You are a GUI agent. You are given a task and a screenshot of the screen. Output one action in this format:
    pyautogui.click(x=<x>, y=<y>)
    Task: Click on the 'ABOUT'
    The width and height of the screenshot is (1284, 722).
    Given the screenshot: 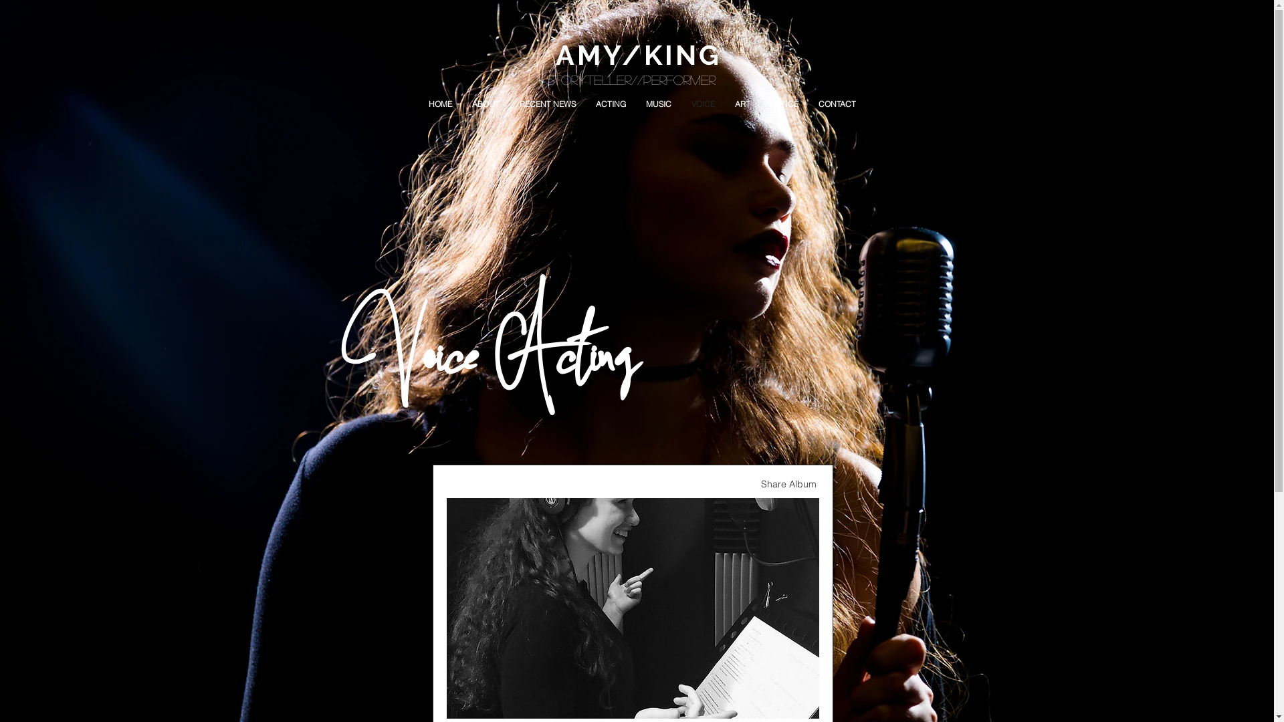 What is the action you would take?
    pyautogui.click(x=484, y=103)
    